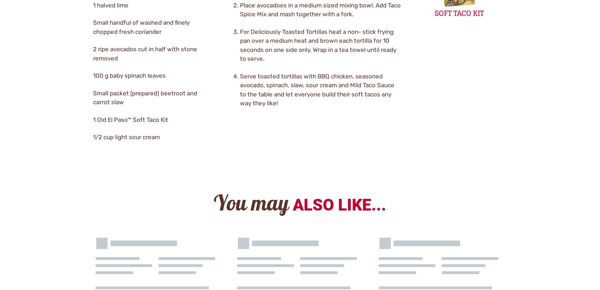 The image size is (600, 290). I want to click on '2 ripe avocados cut in half with stone removed', so click(145, 53).